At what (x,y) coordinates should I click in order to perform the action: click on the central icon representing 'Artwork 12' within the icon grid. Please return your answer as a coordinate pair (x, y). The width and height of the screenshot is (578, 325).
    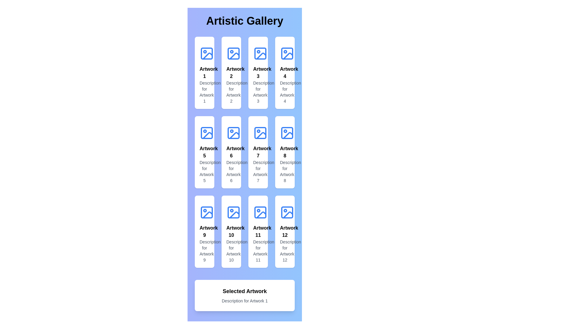
    Looking at the image, I should click on (287, 212).